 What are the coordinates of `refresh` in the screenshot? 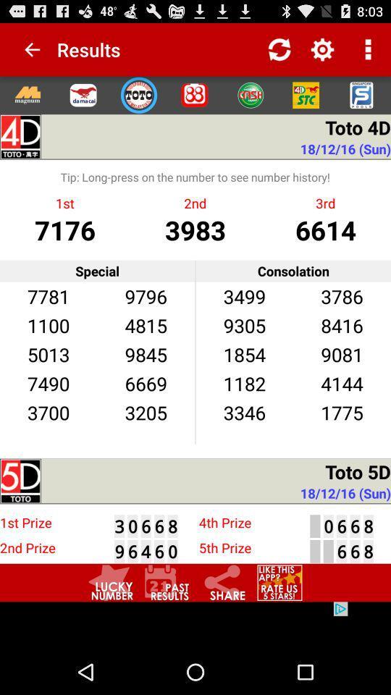 It's located at (279, 49).